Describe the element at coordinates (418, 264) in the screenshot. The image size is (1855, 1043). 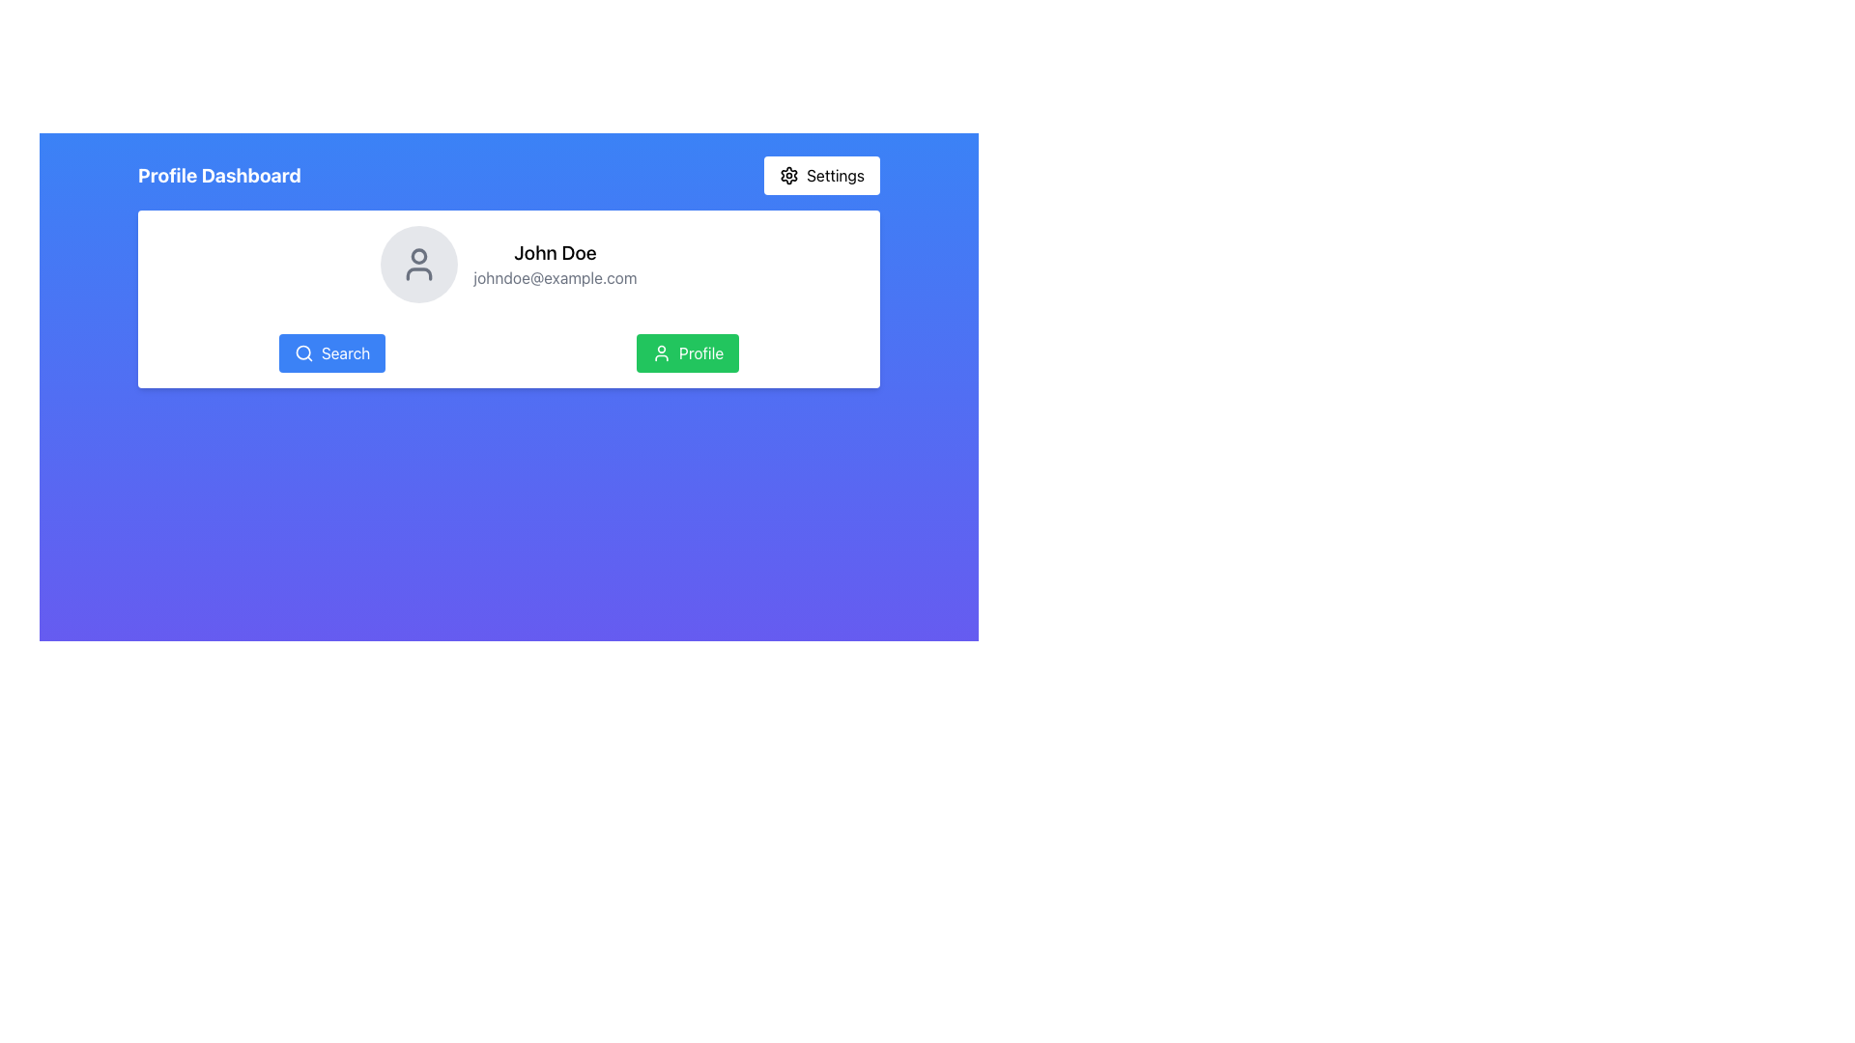
I see `the user outline icon, which is represented by a circular head and a semi-circular body figure, located above the name 'John Doe' in the profile dashboard` at that location.